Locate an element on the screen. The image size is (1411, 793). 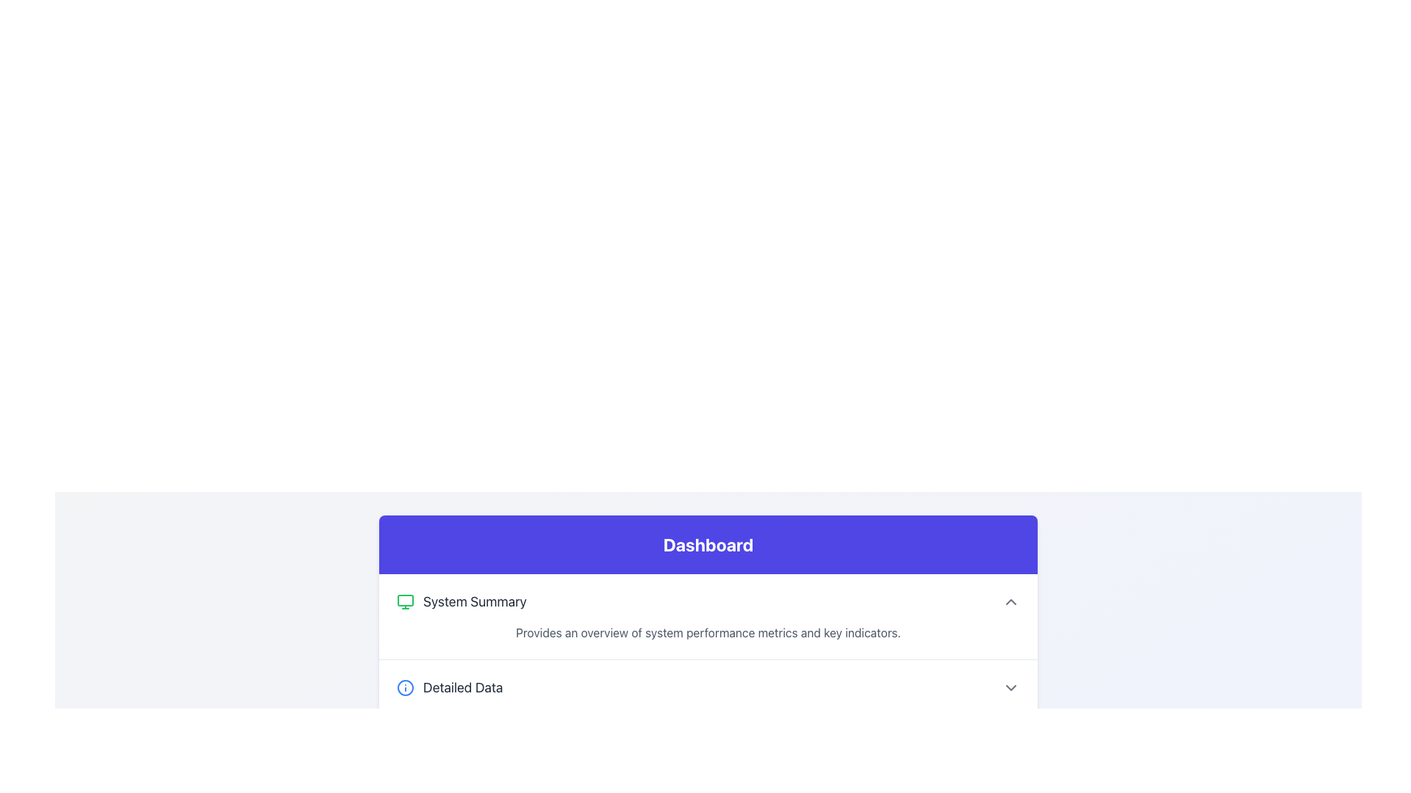
the small upward-pointing chevron icon with rounded edges located on the far right side of the 'System Summary' section is located at coordinates (1010, 602).